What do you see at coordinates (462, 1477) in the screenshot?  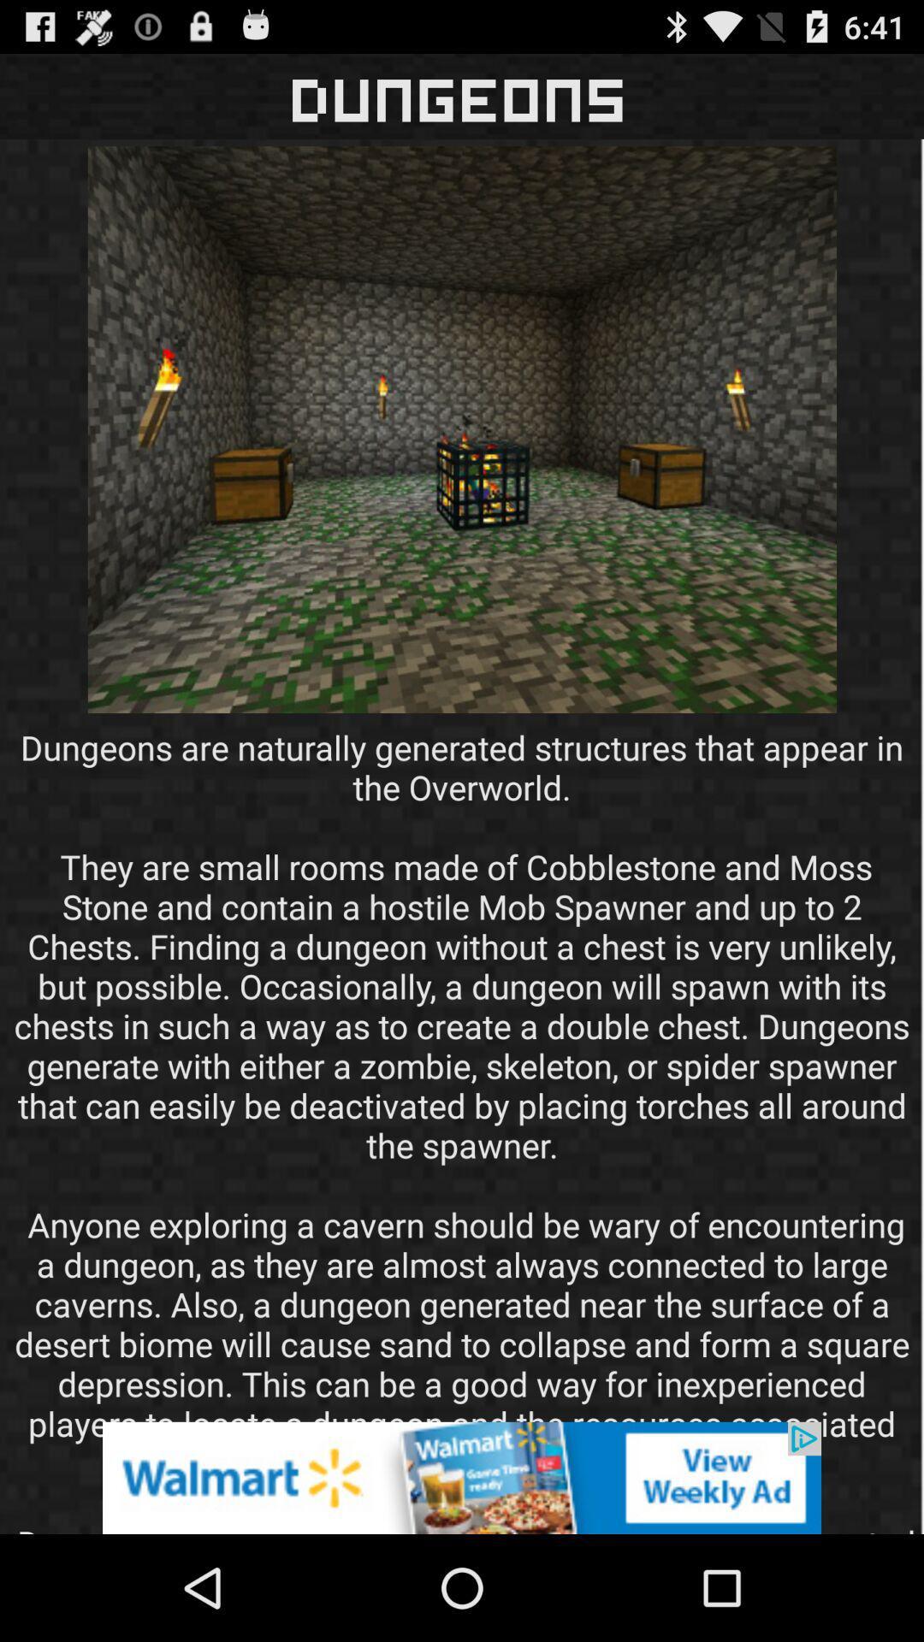 I see `give advertisement information` at bounding box center [462, 1477].